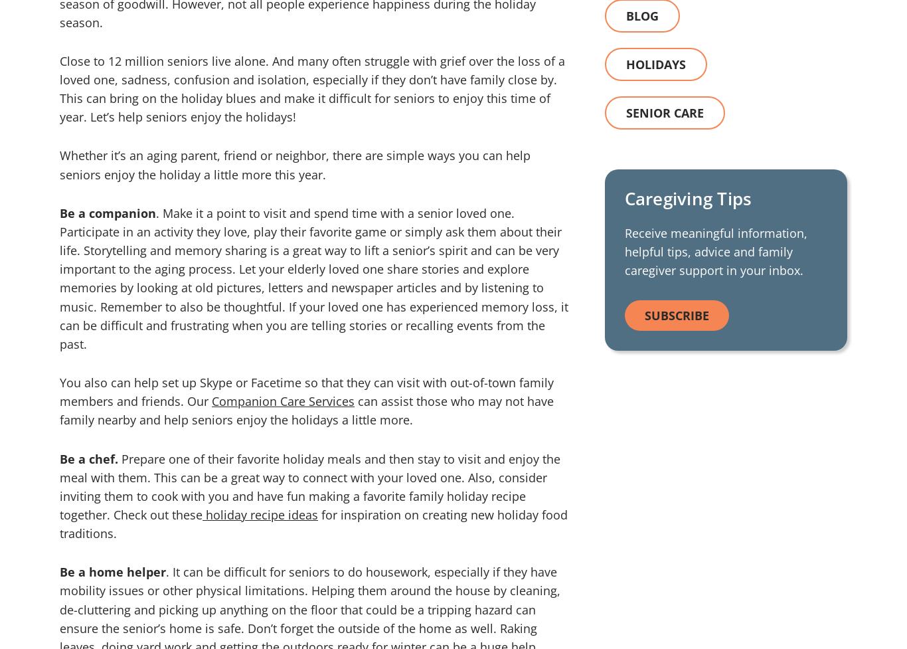 The width and height of the screenshot is (907, 649). Describe the element at coordinates (453, 388) in the screenshot. I see `'Zbra Studios'` at that location.